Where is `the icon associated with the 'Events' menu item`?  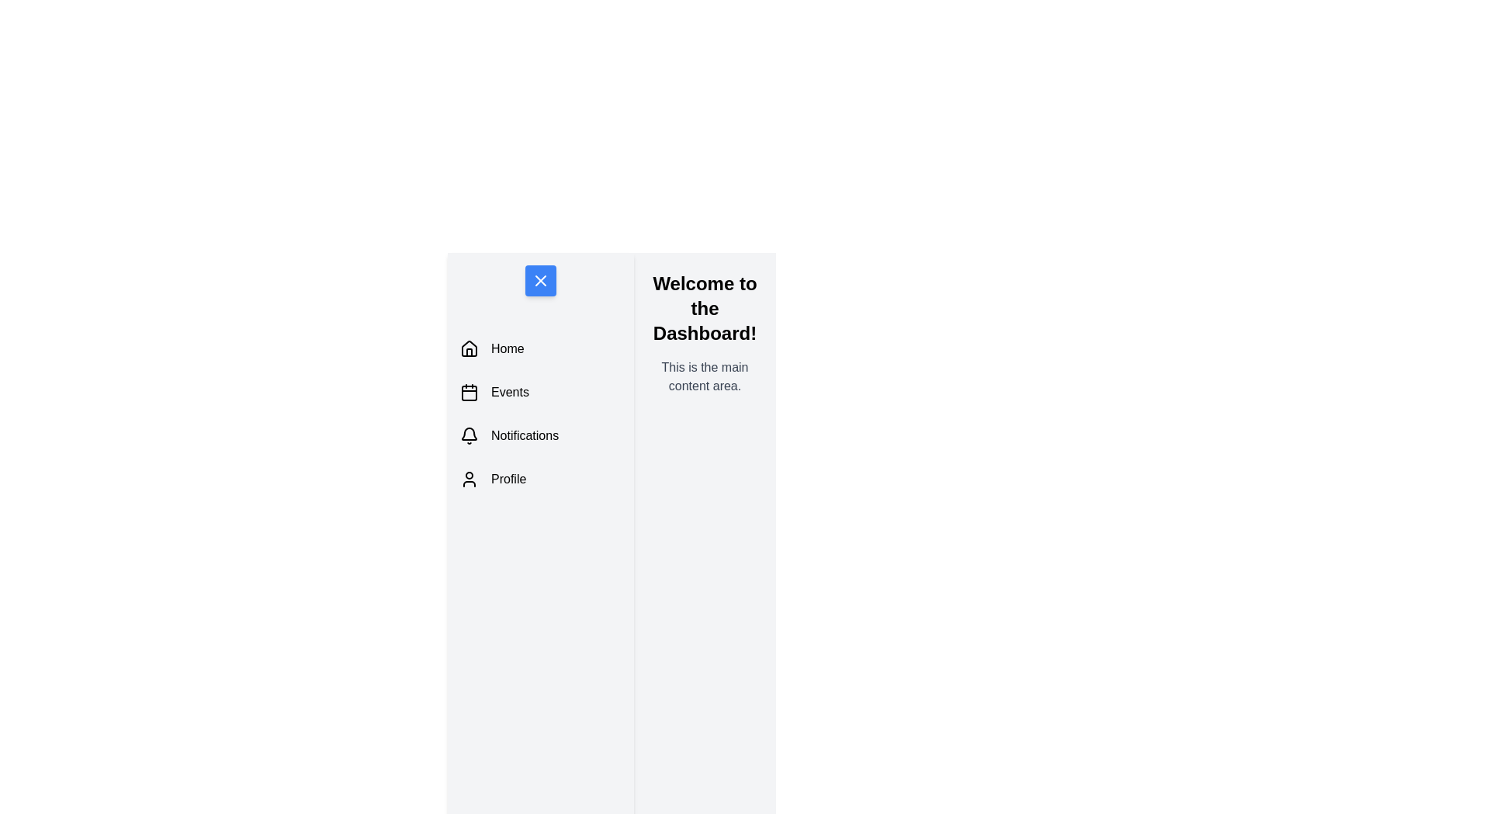
the icon associated with the 'Events' menu item is located at coordinates (468, 391).